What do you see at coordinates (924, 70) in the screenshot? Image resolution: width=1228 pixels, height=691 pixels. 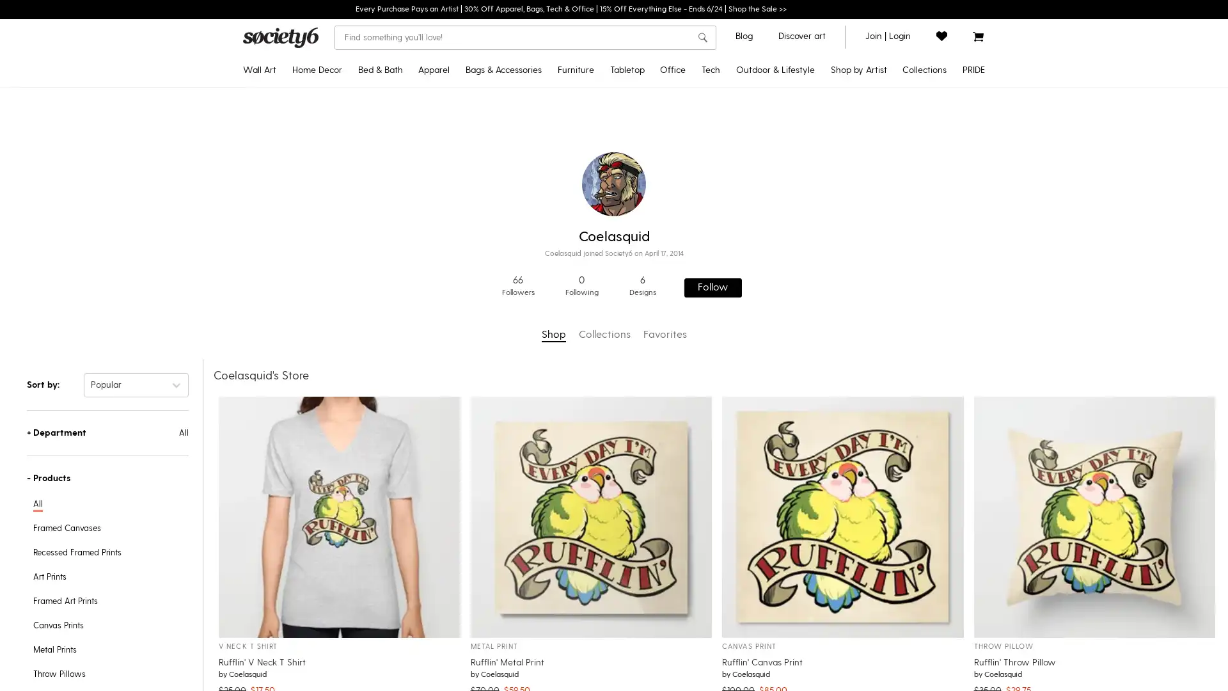 I see `Collections` at bounding box center [924, 70].